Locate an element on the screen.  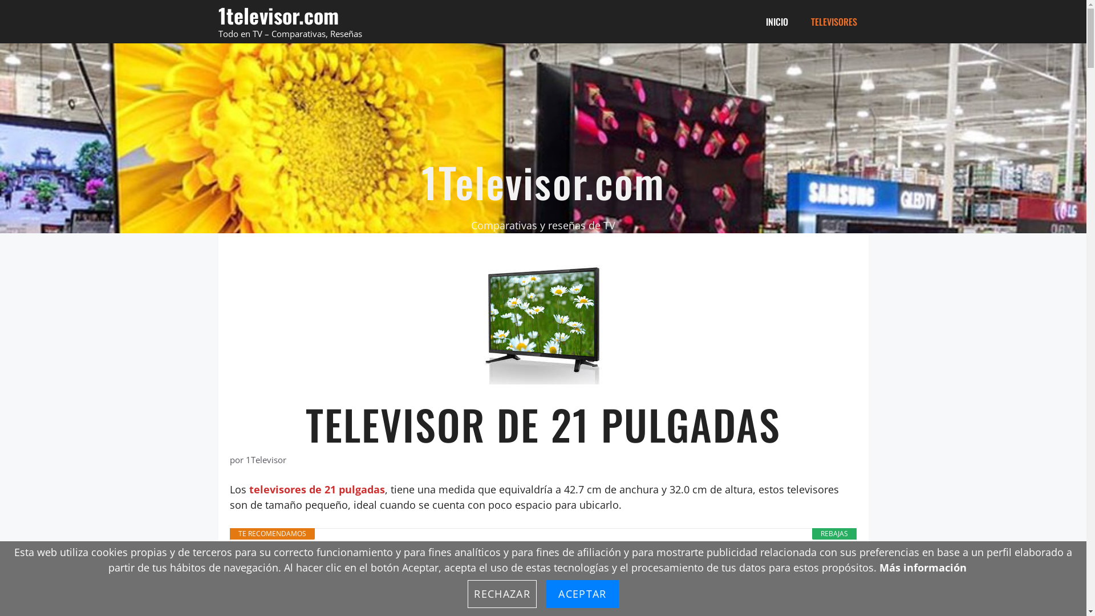
'ACEPTAR' is located at coordinates (546, 593).